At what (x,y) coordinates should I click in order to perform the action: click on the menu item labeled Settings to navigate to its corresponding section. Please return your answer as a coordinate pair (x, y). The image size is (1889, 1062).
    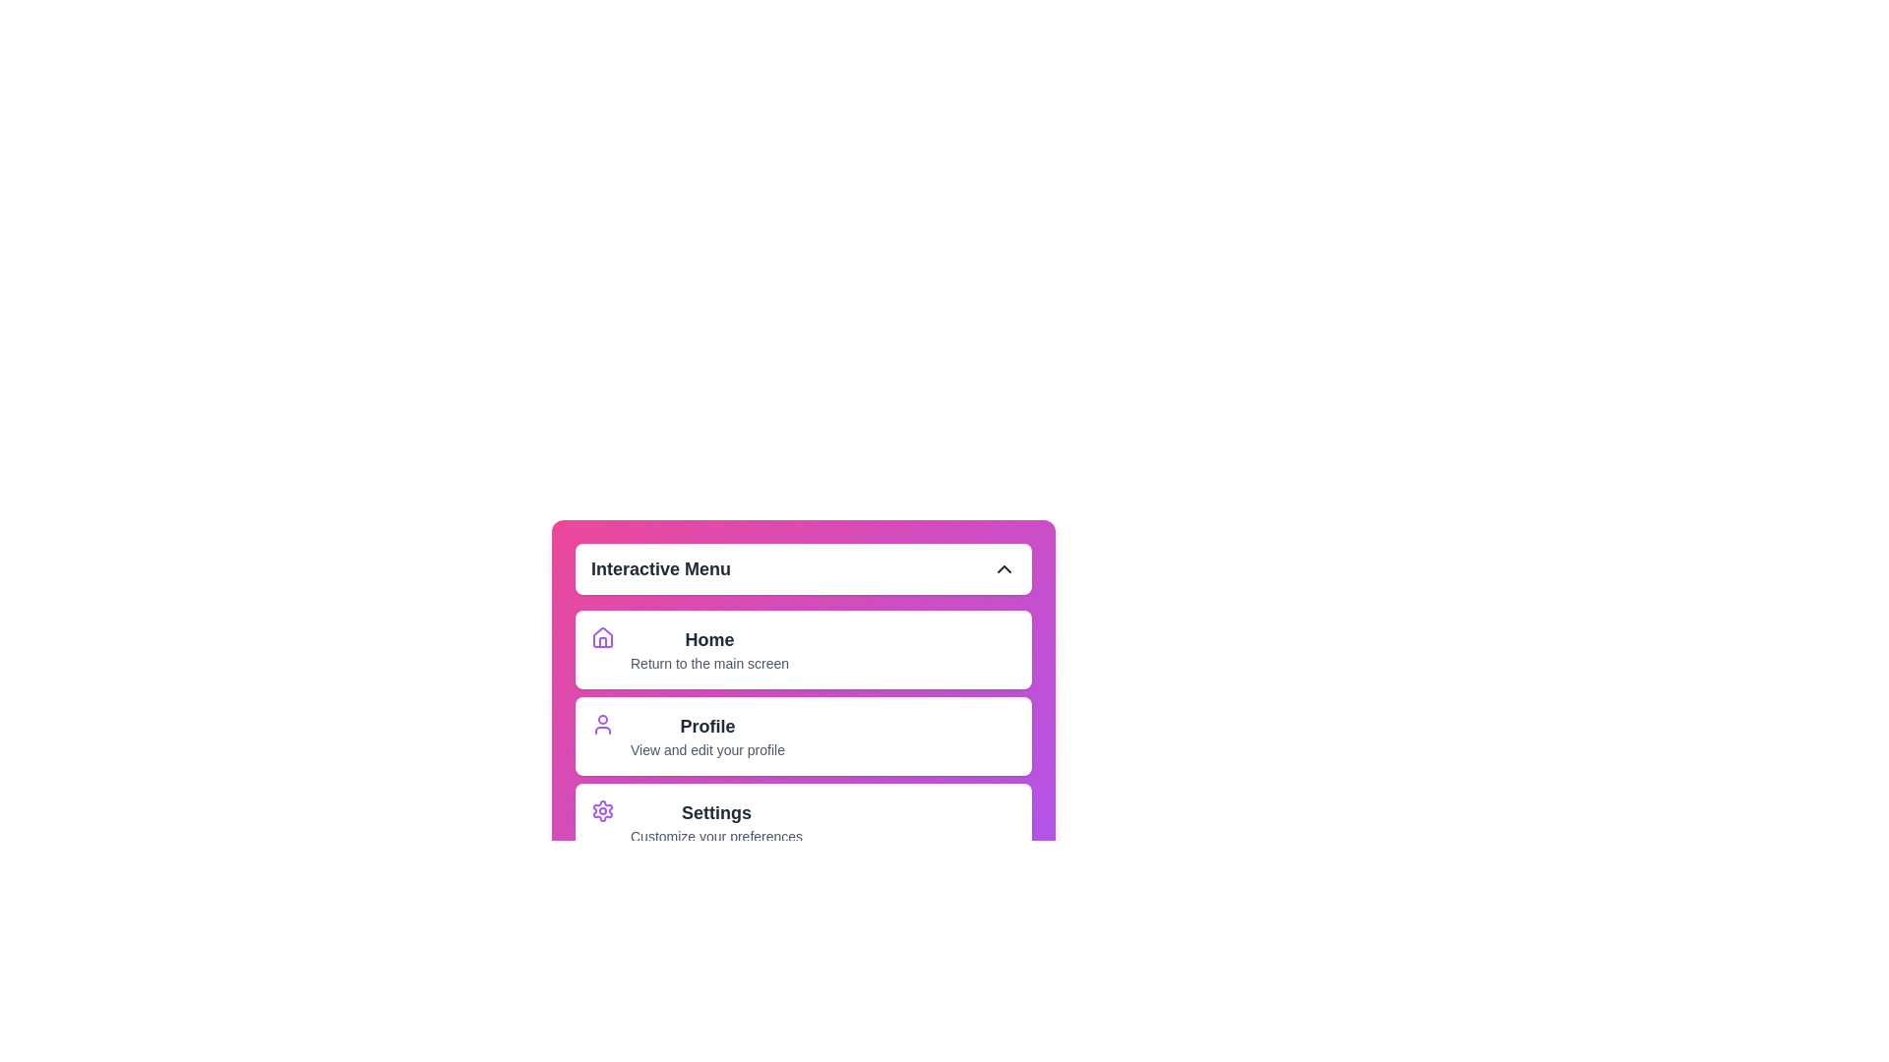
    Looking at the image, I should click on (715, 823).